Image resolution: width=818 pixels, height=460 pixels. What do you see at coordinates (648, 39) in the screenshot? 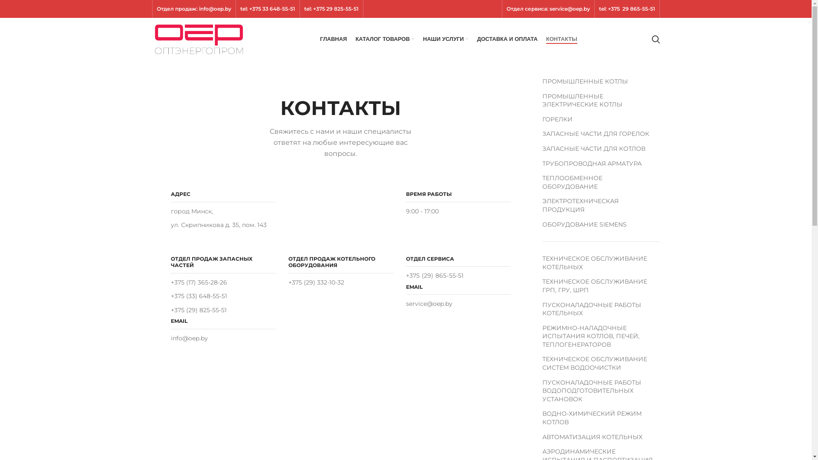
I see `'Search'` at bounding box center [648, 39].